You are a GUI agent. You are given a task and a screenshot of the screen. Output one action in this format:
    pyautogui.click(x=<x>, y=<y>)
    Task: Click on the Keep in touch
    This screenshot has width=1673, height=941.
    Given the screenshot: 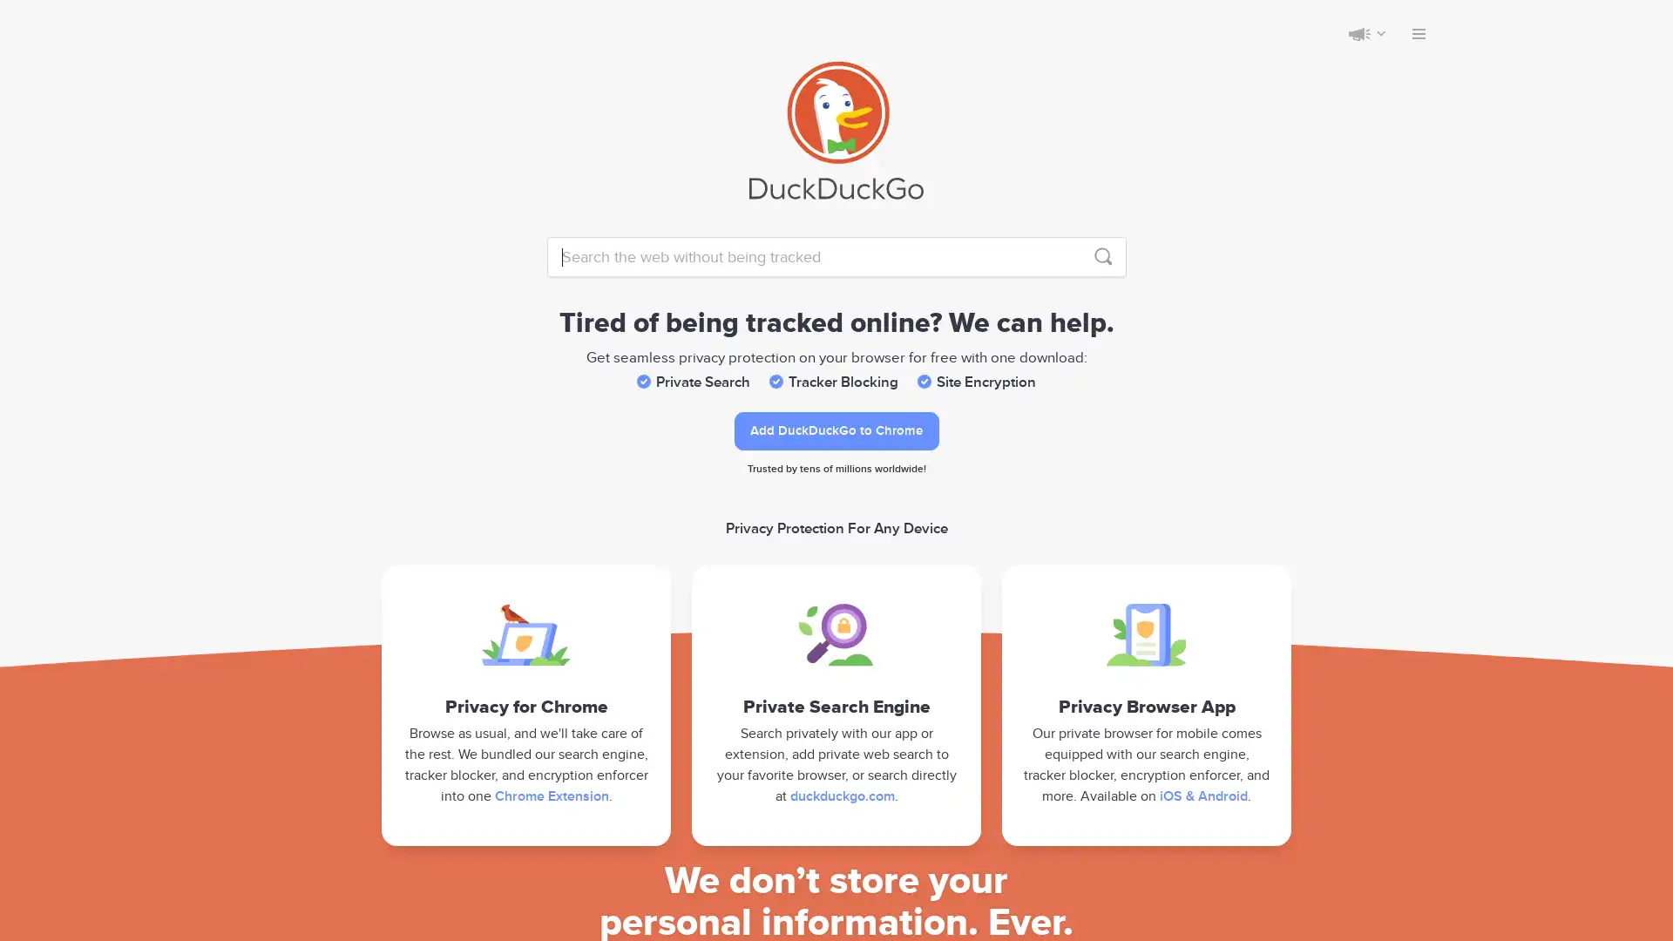 What is the action you would take?
    pyautogui.click(x=1358, y=33)
    